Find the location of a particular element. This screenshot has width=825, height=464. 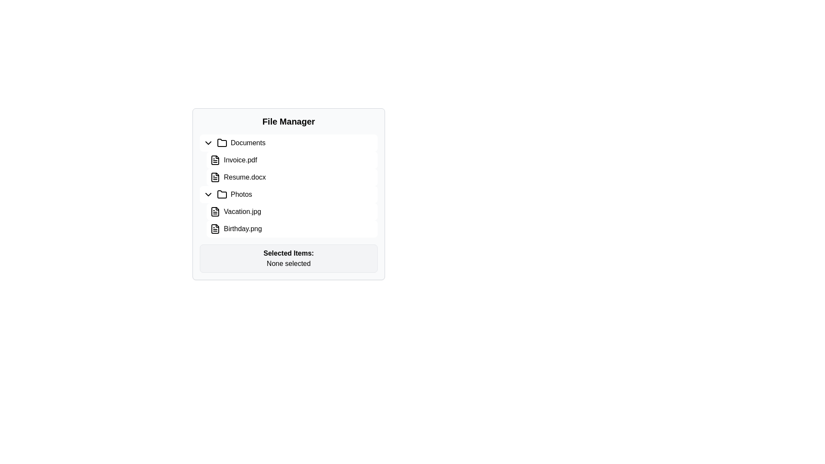

the second selectable file item under the 'Photos' folder section of the file manager is located at coordinates (292, 228).